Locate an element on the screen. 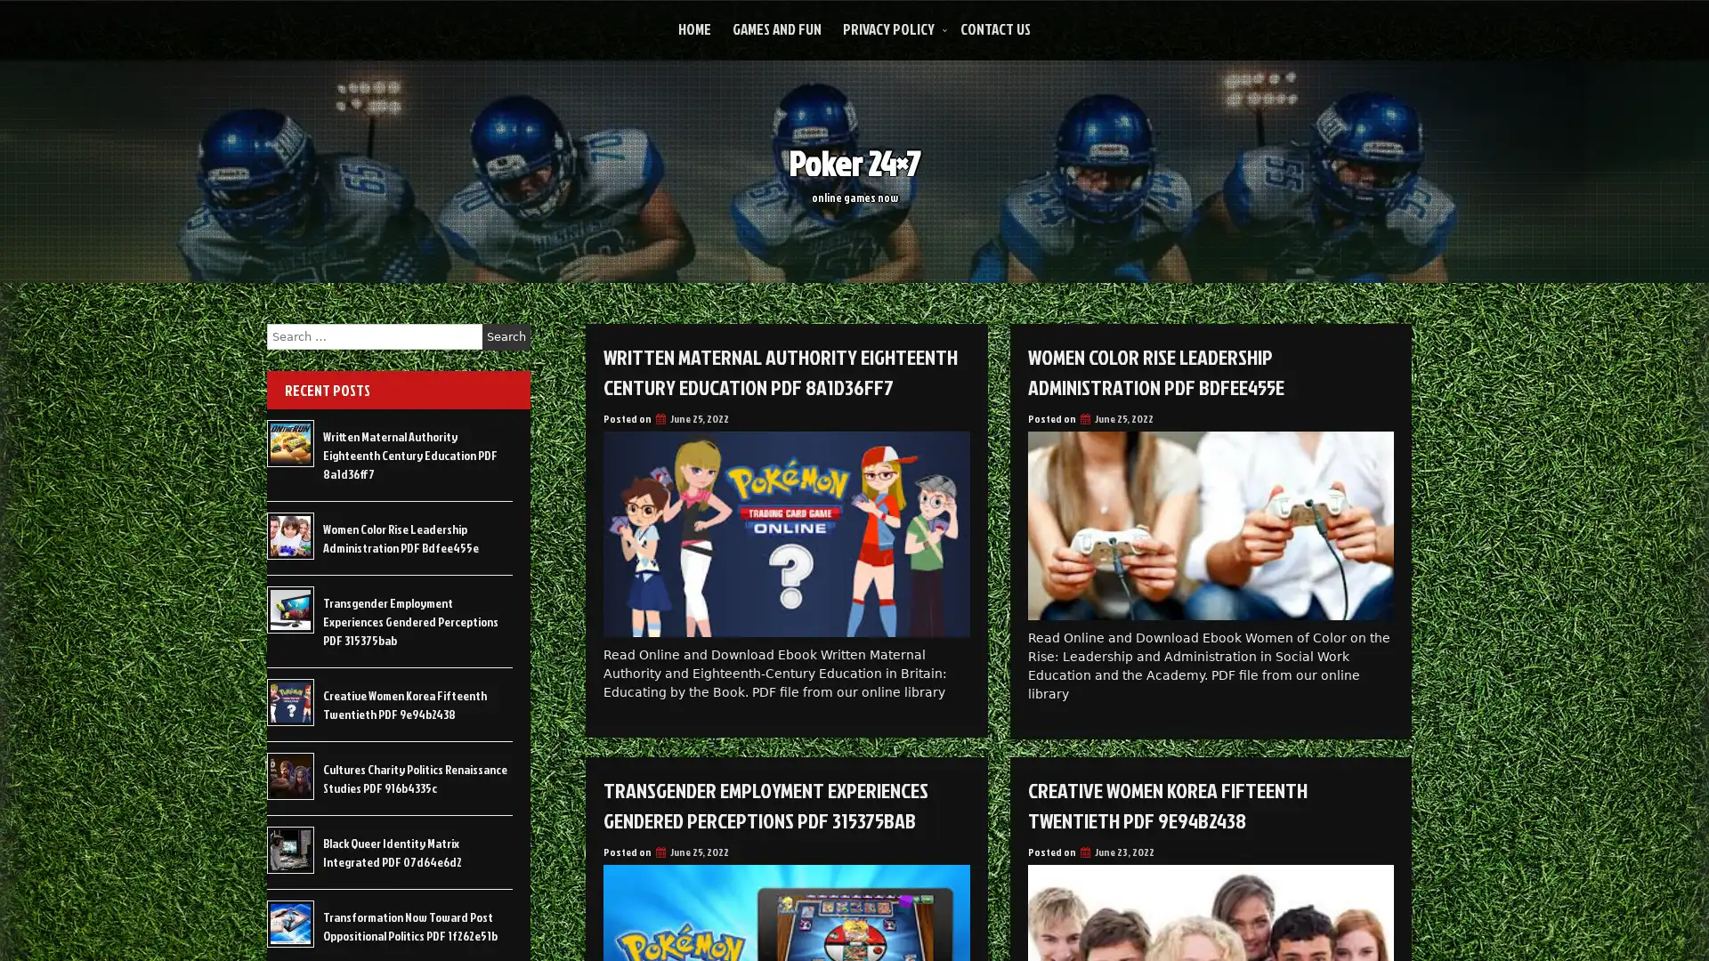  Search is located at coordinates (506, 336).